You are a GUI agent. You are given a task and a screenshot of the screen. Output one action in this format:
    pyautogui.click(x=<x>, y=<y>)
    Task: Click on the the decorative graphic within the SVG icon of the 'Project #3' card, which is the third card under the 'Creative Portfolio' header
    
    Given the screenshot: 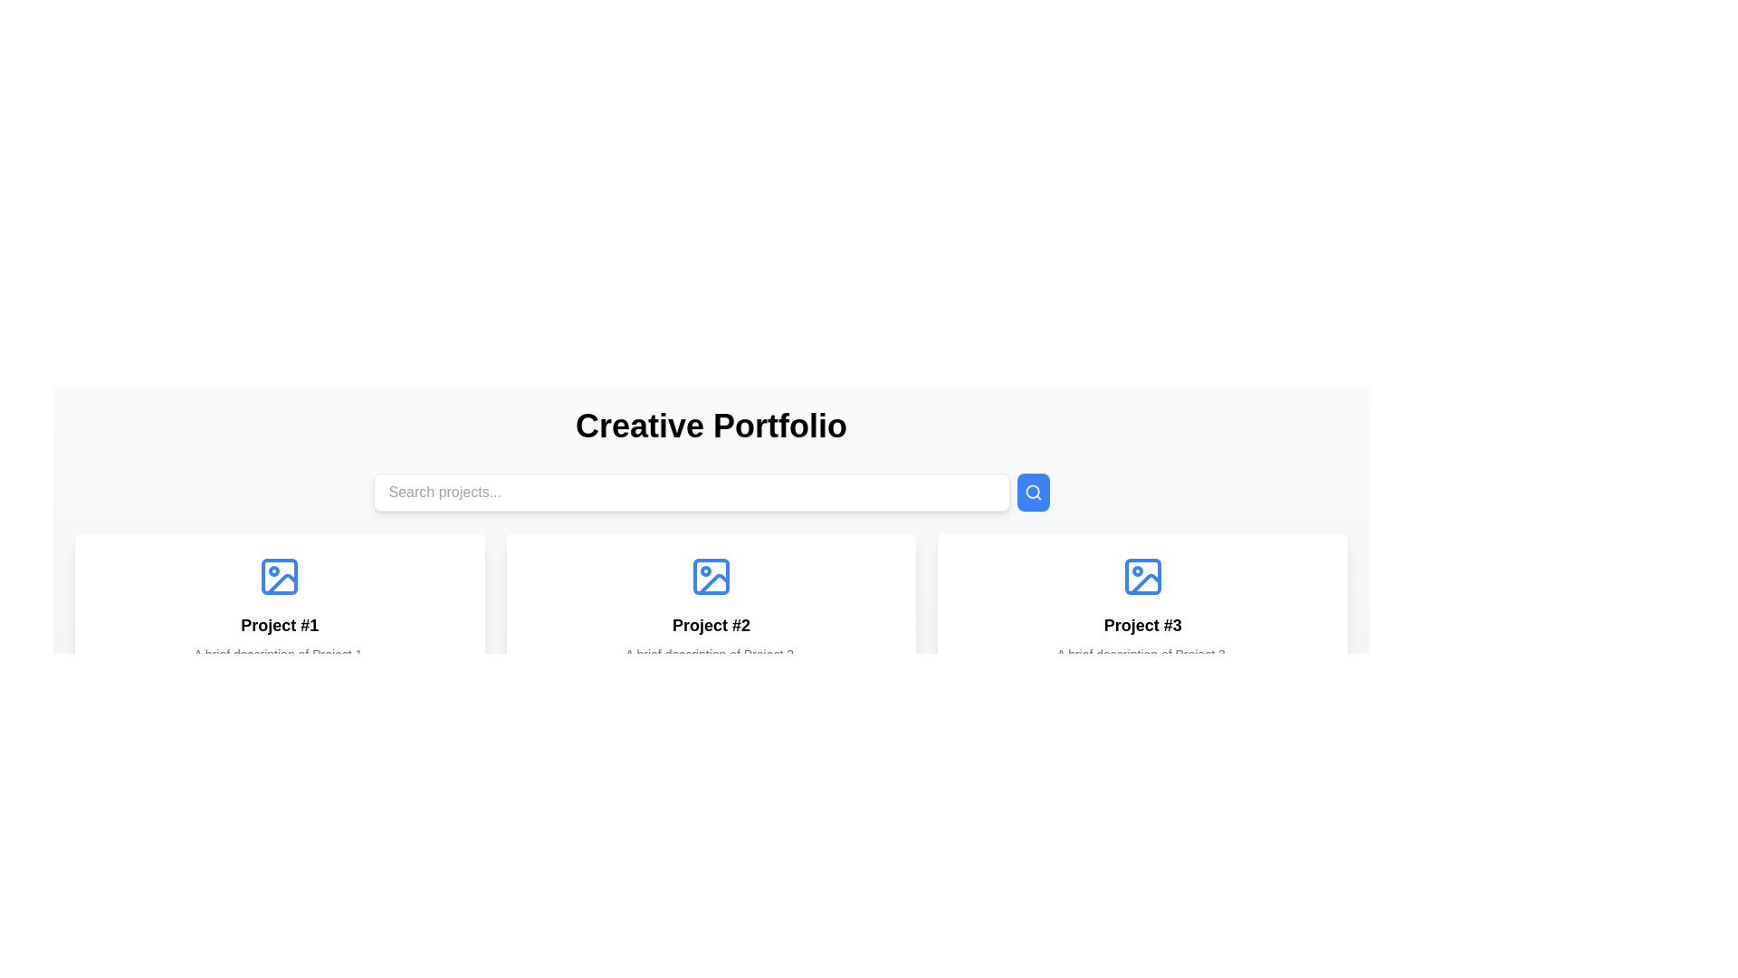 What is the action you would take?
    pyautogui.click(x=1144, y=584)
    